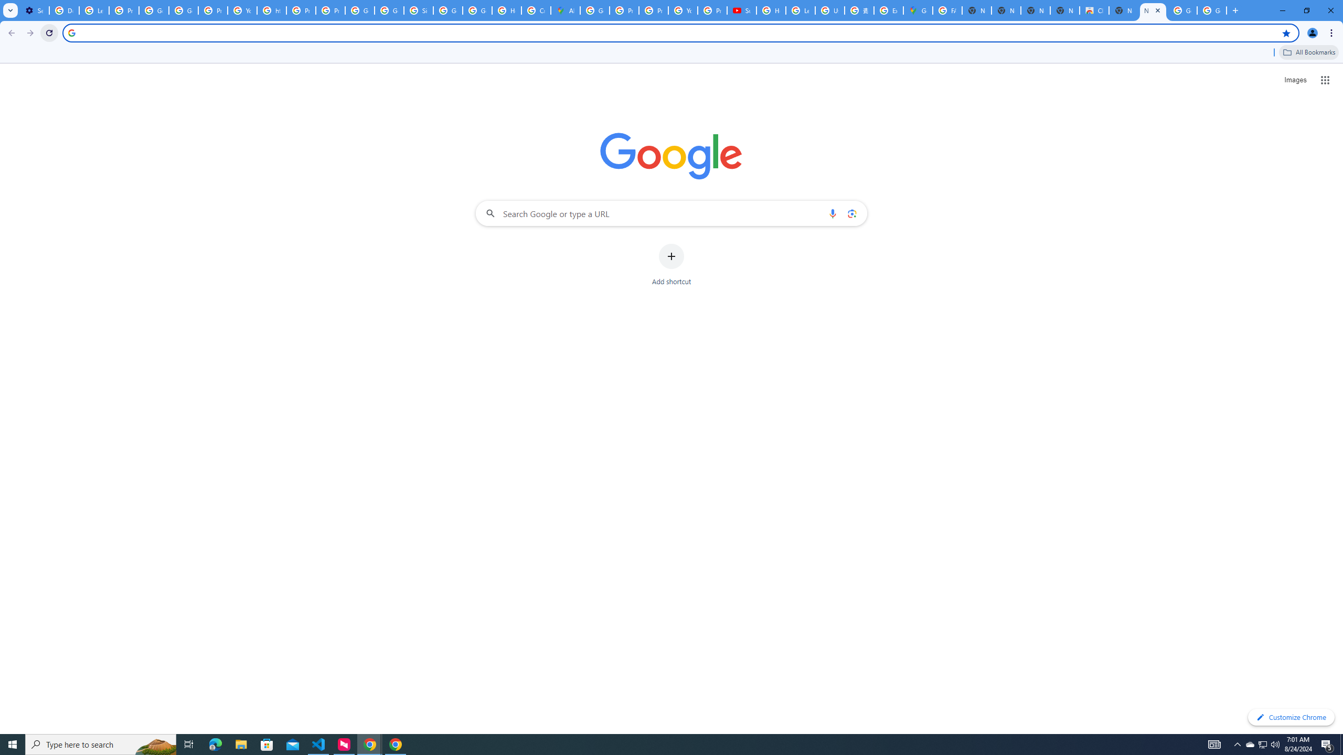  Describe the element at coordinates (154, 10) in the screenshot. I see `'Google Account Help'` at that location.